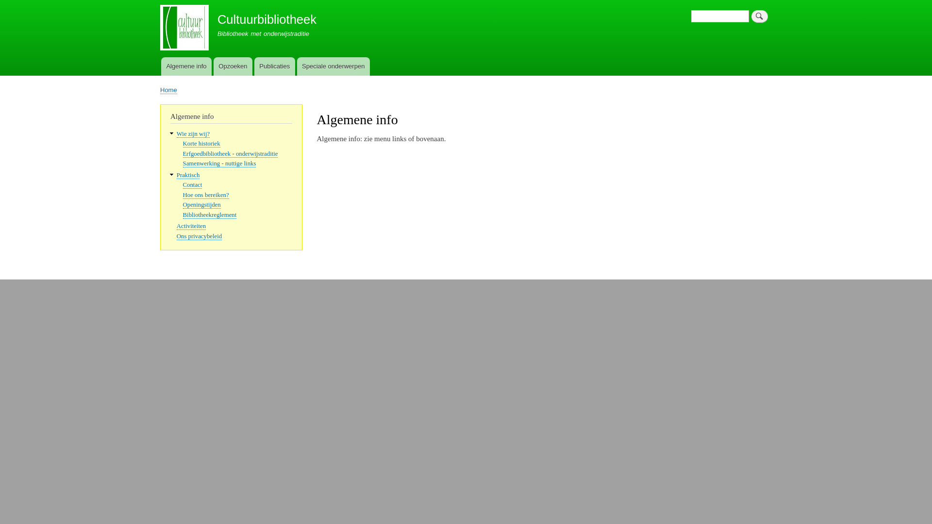  Describe the element at coordinates (188, 175) in the screenshot. I see `'Praktisch'` at that location.